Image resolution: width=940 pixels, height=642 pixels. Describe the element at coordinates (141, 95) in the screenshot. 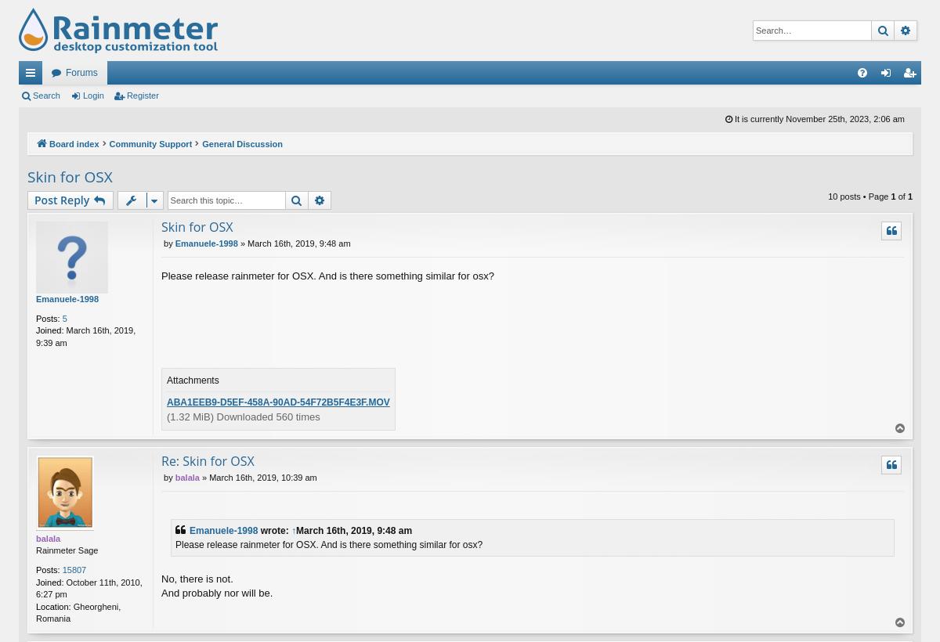

I see `'Register'` at that location.